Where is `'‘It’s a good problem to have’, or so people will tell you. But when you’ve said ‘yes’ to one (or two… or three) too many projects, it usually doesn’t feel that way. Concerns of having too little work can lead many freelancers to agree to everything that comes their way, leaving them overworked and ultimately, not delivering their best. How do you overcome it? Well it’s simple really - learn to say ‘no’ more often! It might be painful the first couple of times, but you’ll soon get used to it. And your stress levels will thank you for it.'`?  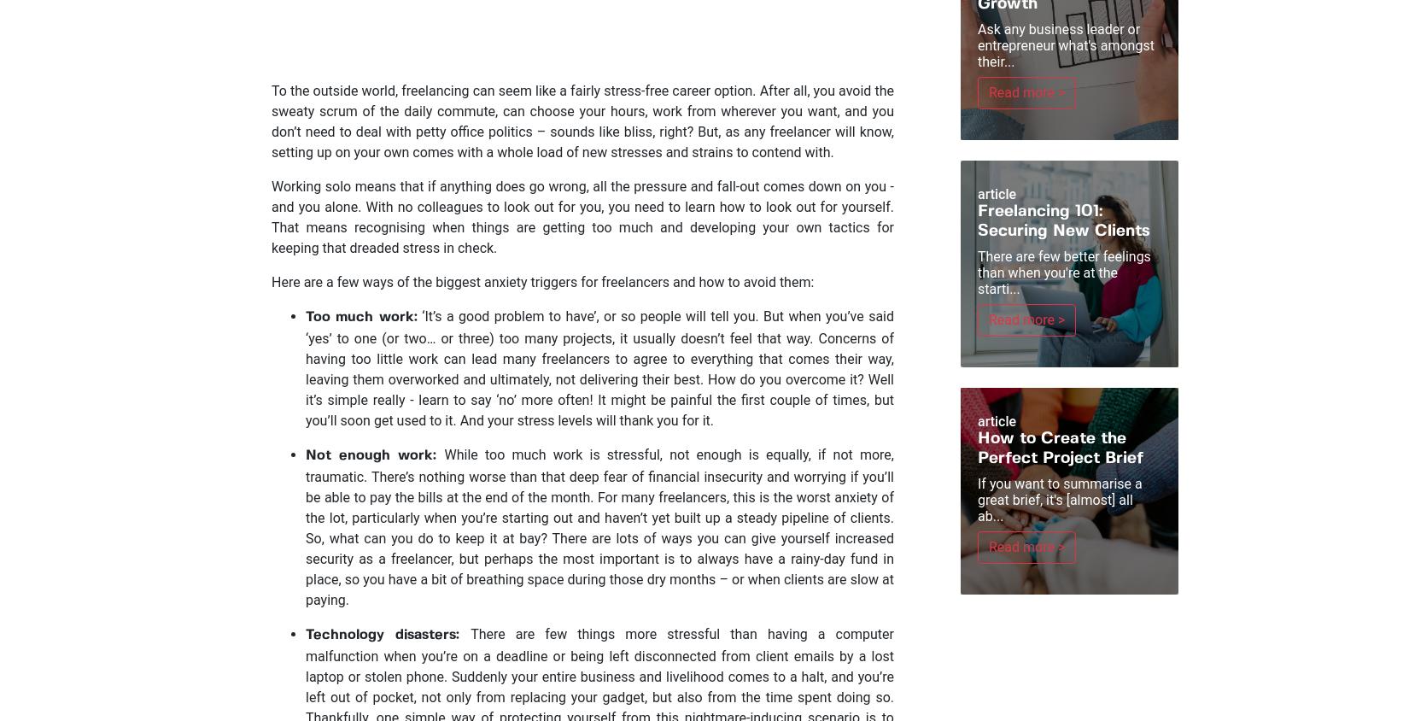
'‘It’s a good problem to have’, or so people will tell you. But when you’ve said ‘yes’ to one (or two… or three) too many projects, it usually doesn’t feel that way. Concerns of having too little work can lead many freelancers to agree to everything that comes their way, leaving them overworked and ultimately, not delivering their best. How do you overcome it? Well it’s simple really - learn to say ‘no’ more often! It might be painful the first couple of times, but you’ll soon get used to it. And your stress levels will thank you for it.' is located at coordinates (599, 367).